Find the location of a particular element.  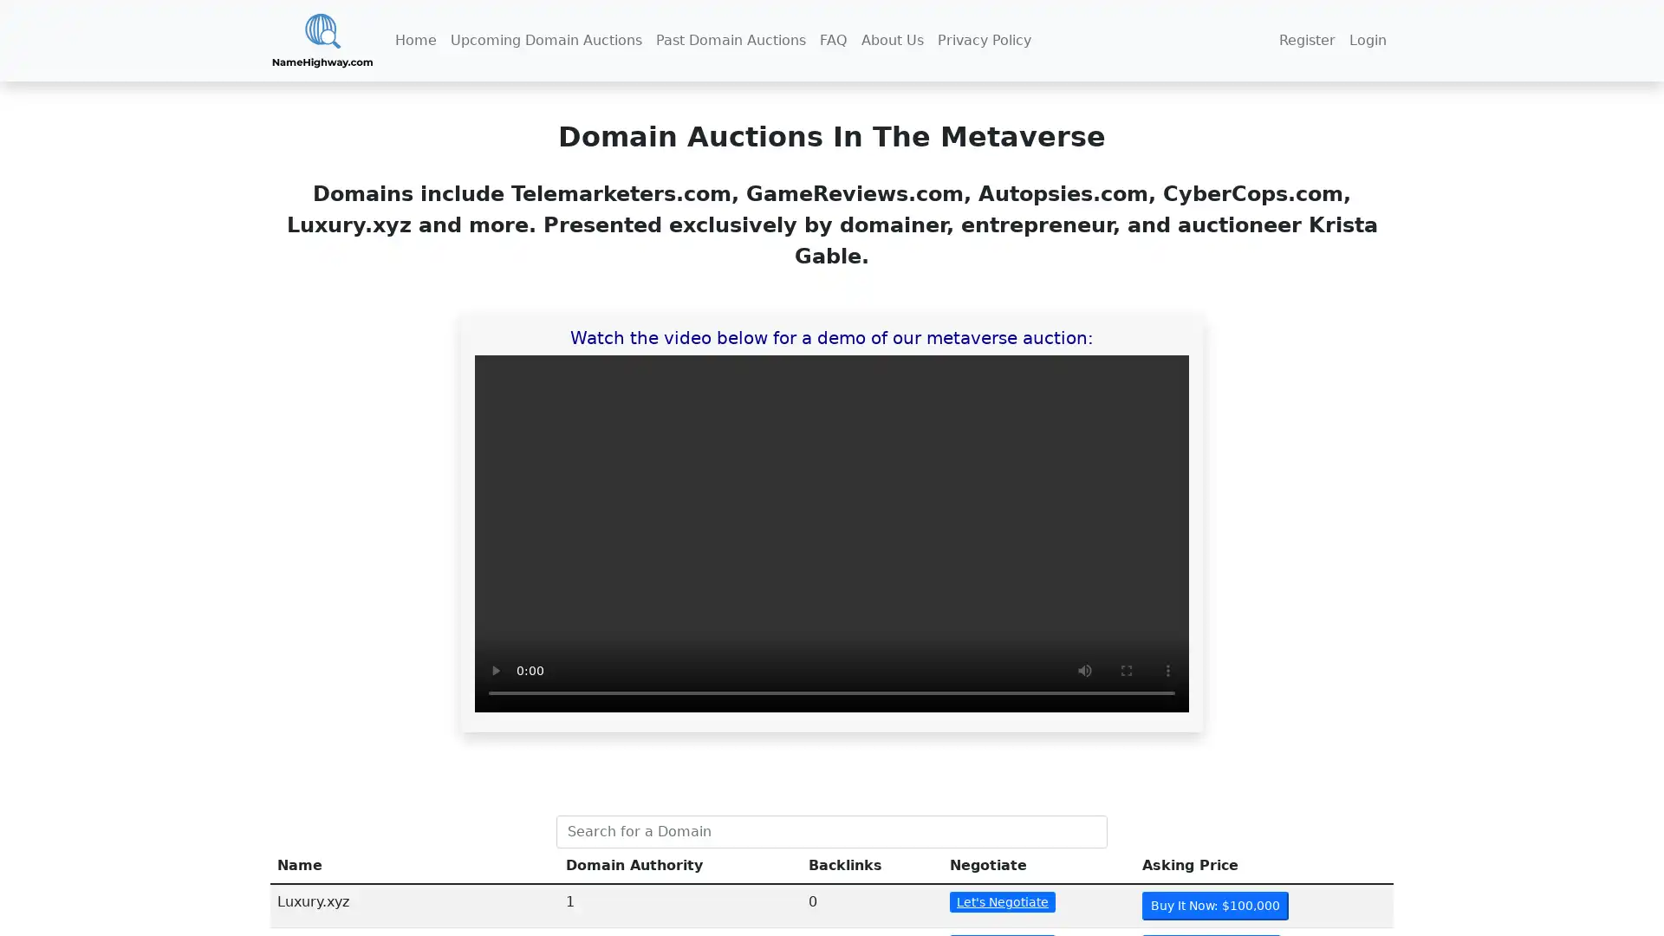

mute is located at coordinates (1084, 670).